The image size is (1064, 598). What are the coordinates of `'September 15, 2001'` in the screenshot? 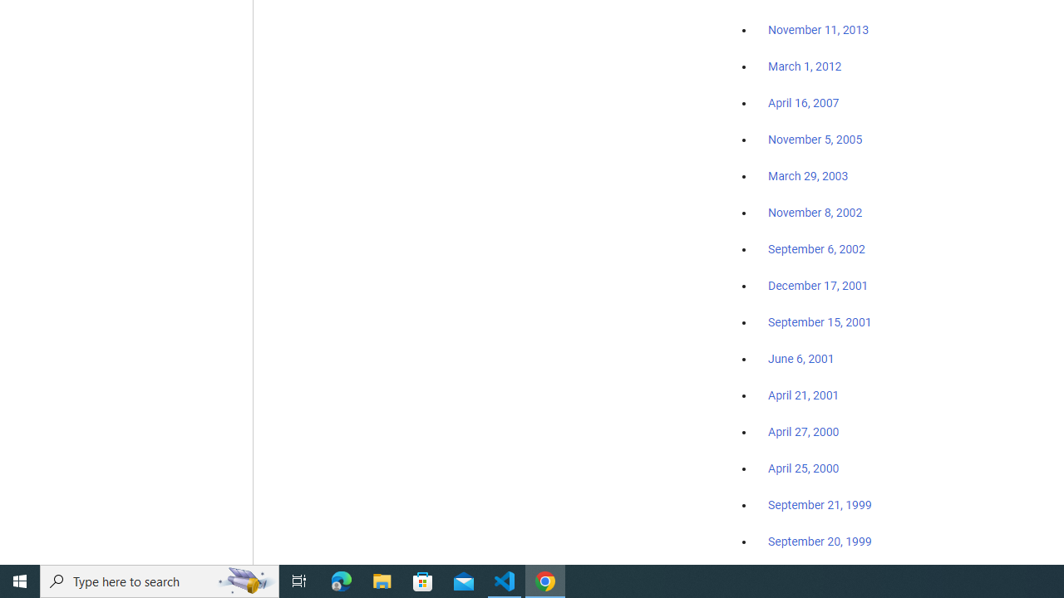 It's located at (820, 321).